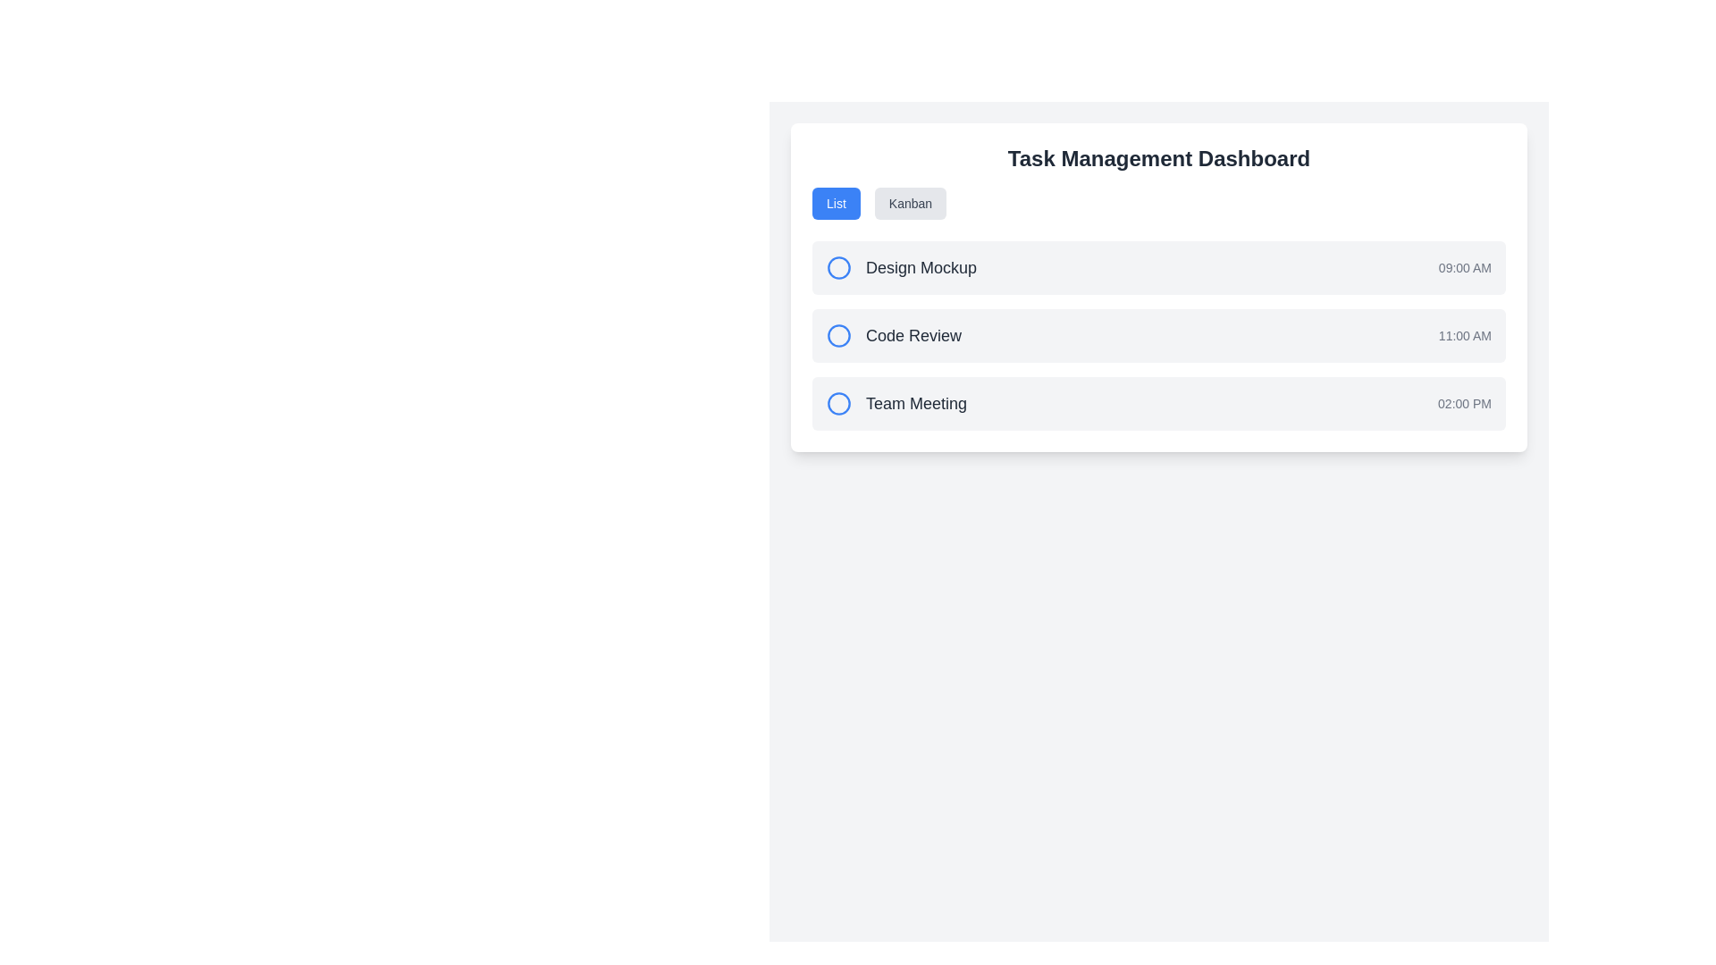 This screenshot has width=1716, height=965. I want to click on the blue circular icon styled as a checkbox, which is located to the left of the text 'Design Mockup' in the task list, so click(838, 268).